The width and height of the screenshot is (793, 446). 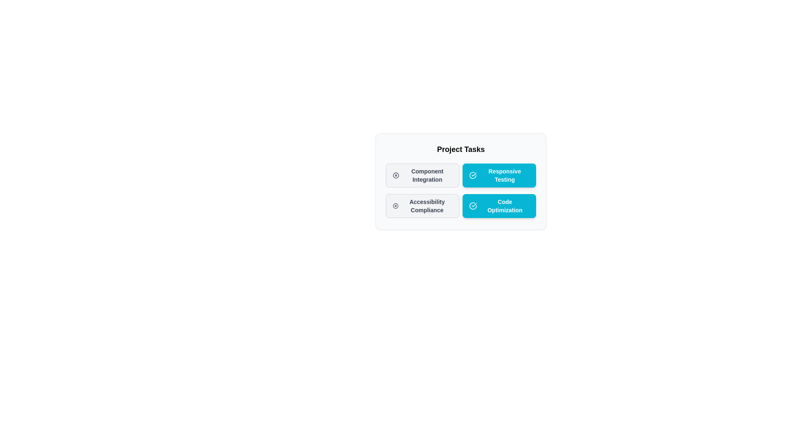 What do you see at coordinates (499, 175) in the screenshot?
I see `the chip labeled 'Responsive Testing' to select it` at bounding box center [499, 175].